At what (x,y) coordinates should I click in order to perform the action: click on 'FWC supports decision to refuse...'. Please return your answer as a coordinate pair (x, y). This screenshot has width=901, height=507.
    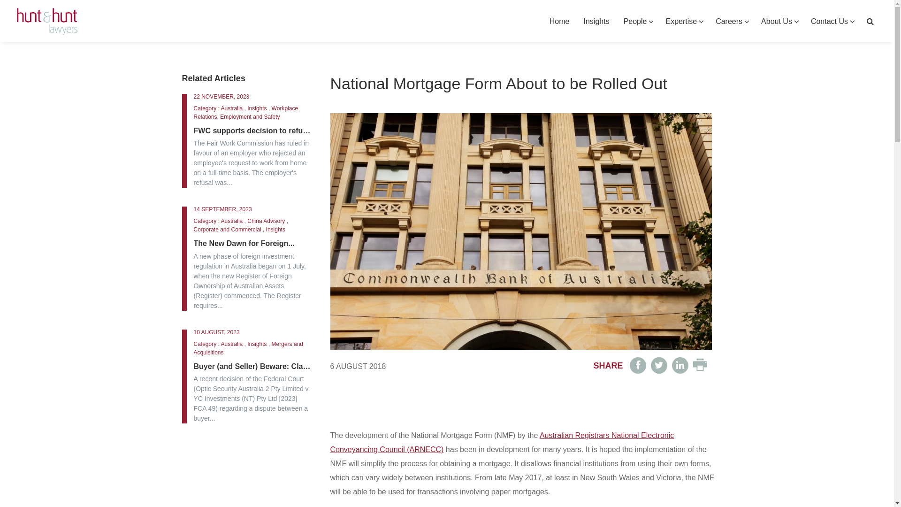
    Looking at the image, I should click on (193, 131).